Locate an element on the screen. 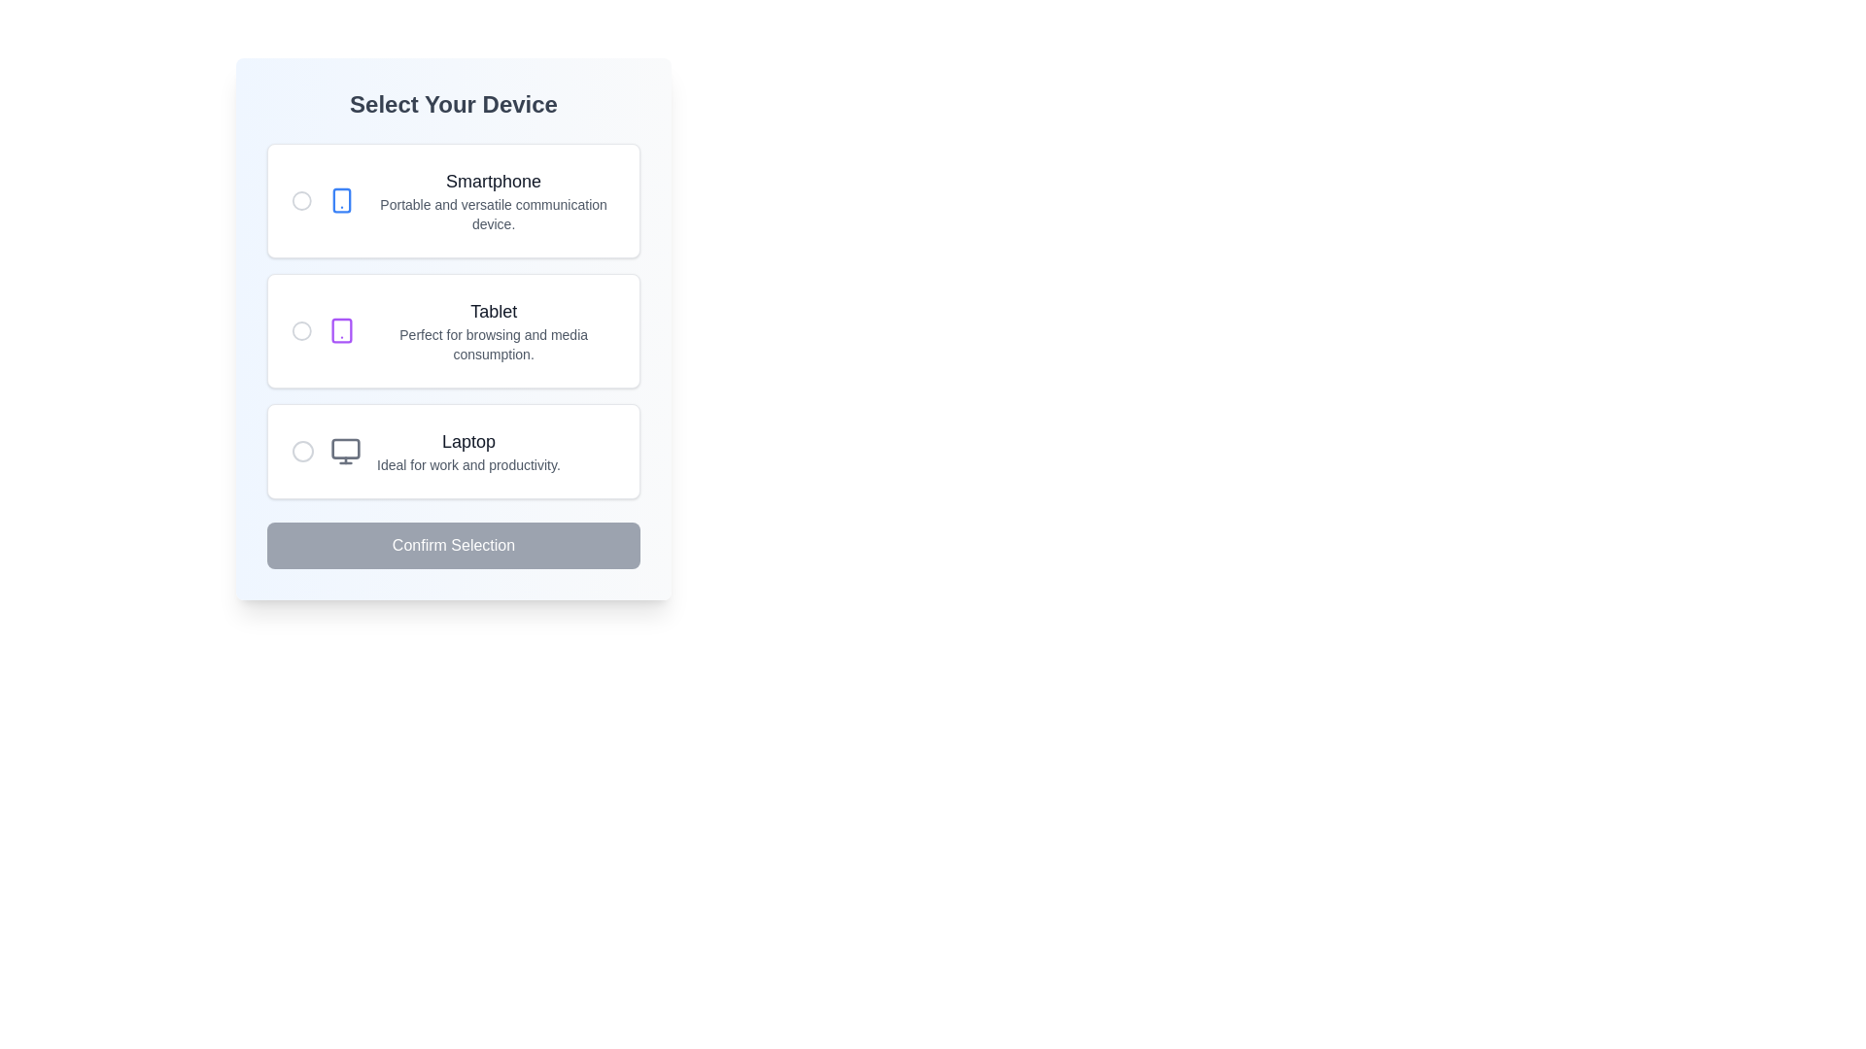 This screenshot has width=1866, height=1049. the 'Confirm Selection' button, which is a rectangular button with a gray background and white text, located at the bottom of the selection panel is located at coordinates (452, 546).